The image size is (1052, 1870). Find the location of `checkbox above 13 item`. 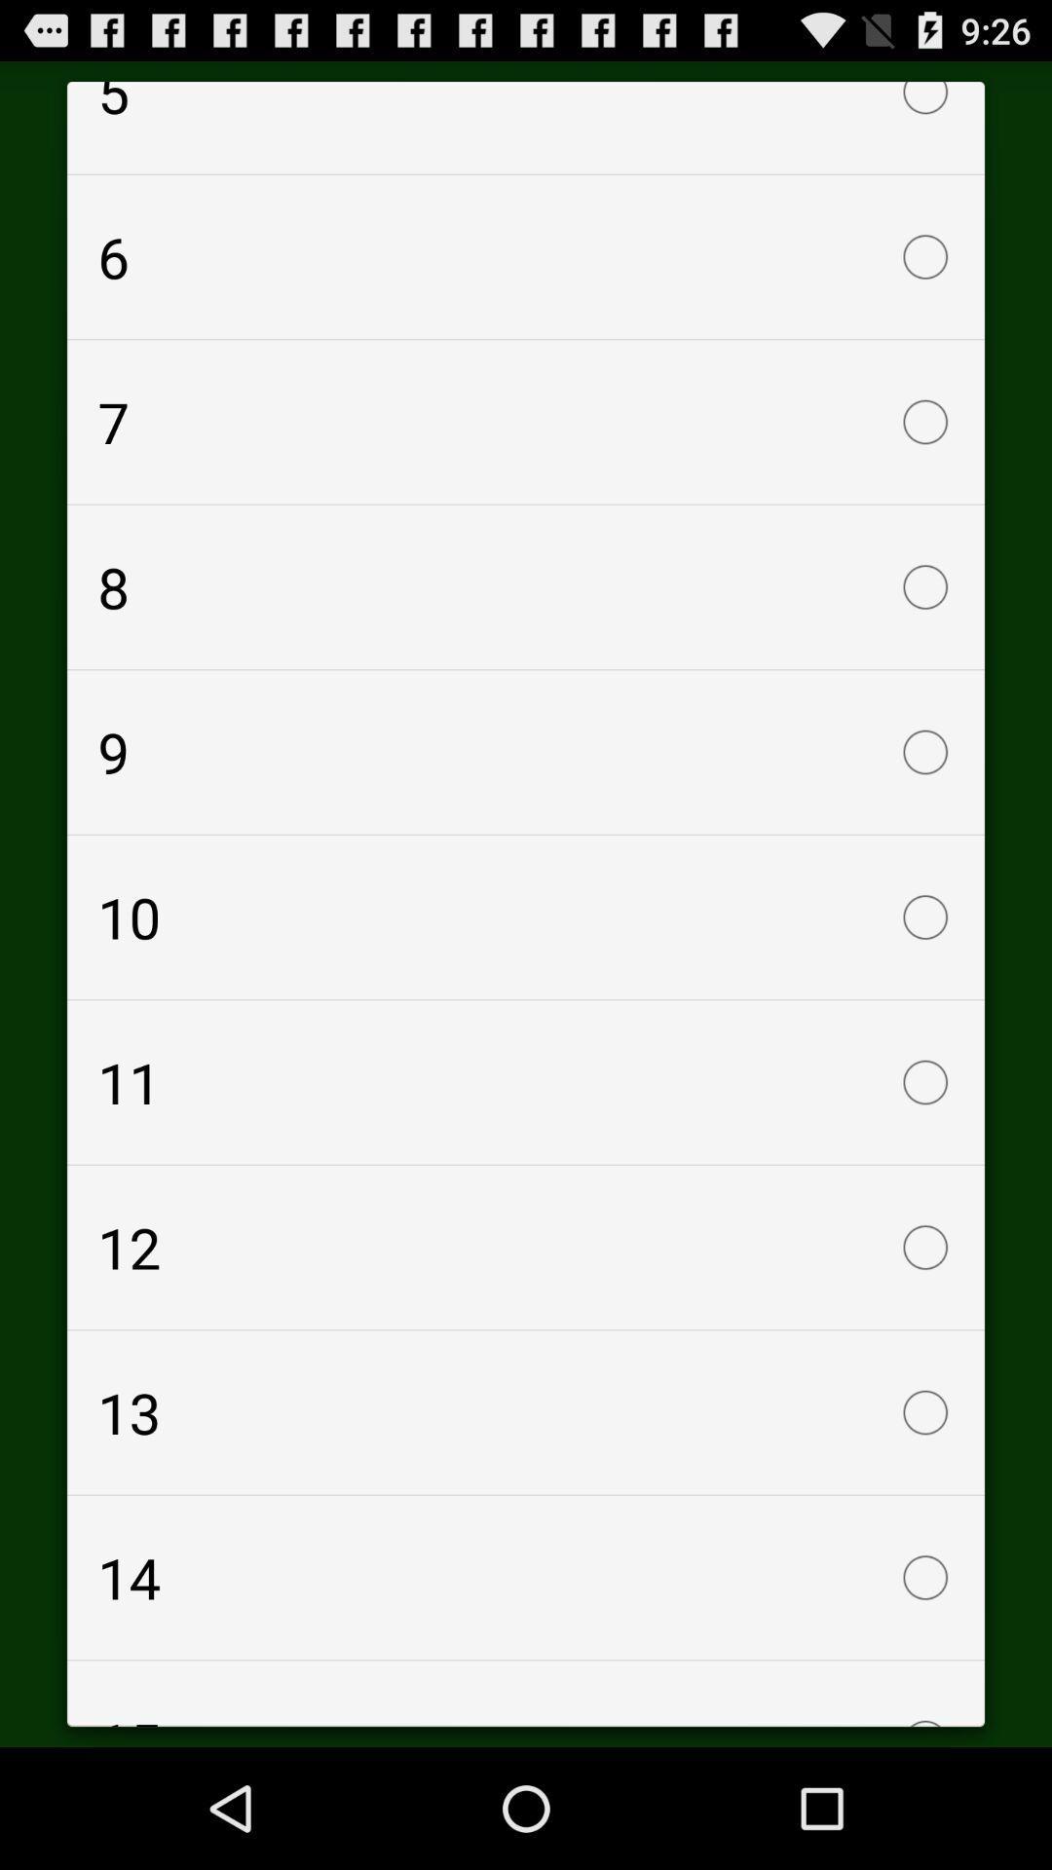

checkbox above 13 item is located at coordinates (526, 1248).